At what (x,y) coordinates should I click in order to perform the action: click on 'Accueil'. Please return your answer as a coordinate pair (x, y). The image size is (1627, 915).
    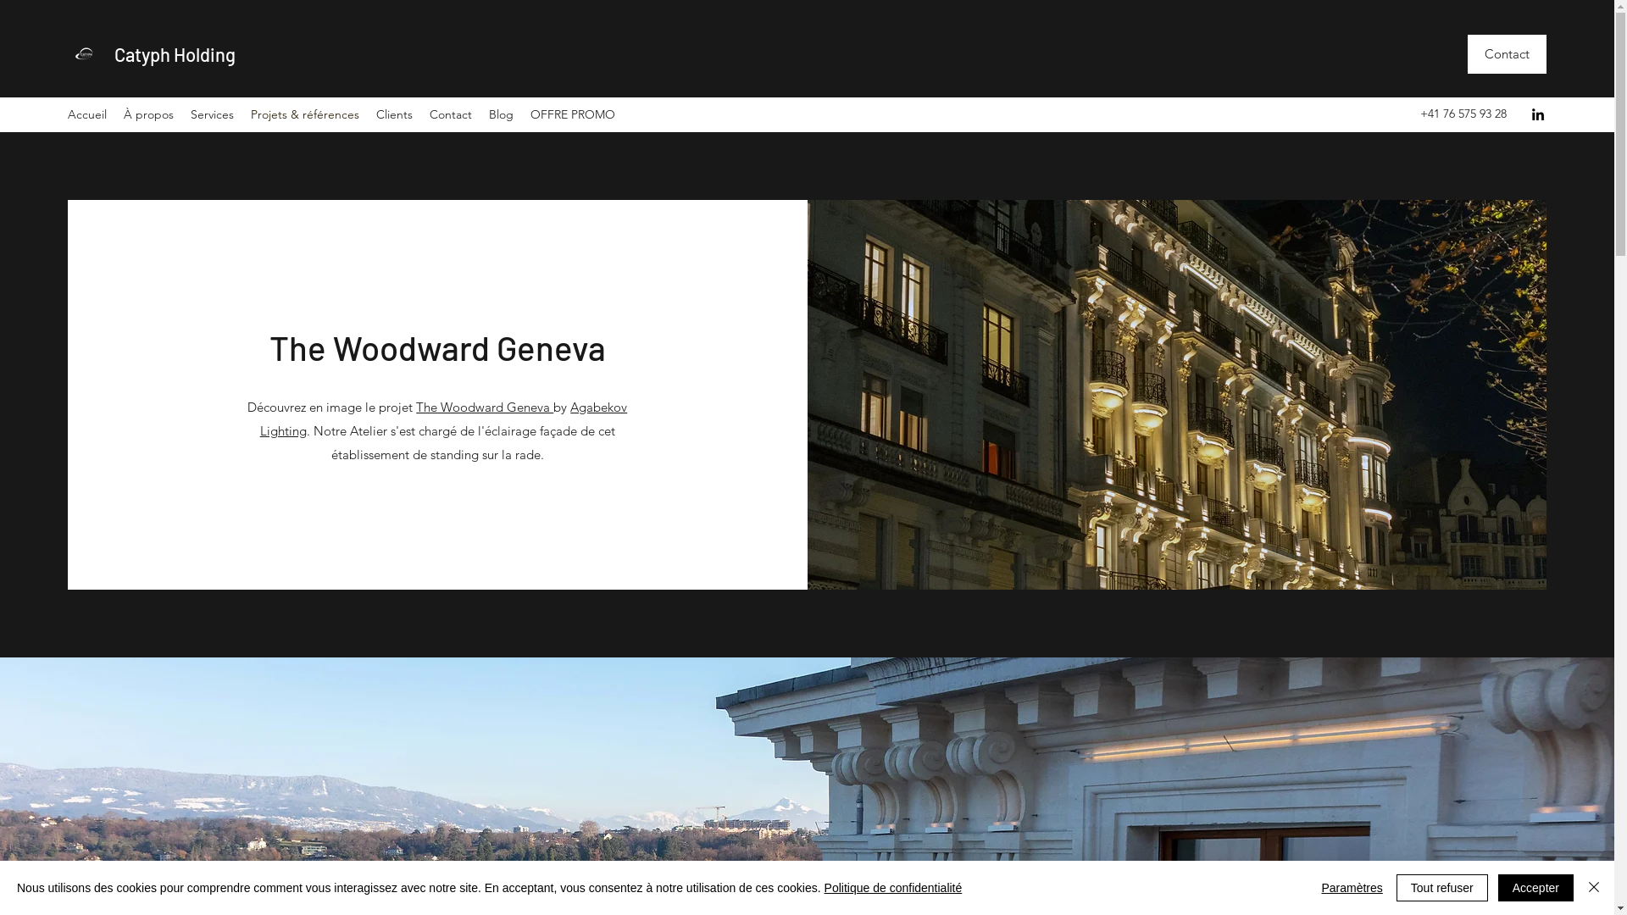
    Looking at the image, I should click on (86, 114).